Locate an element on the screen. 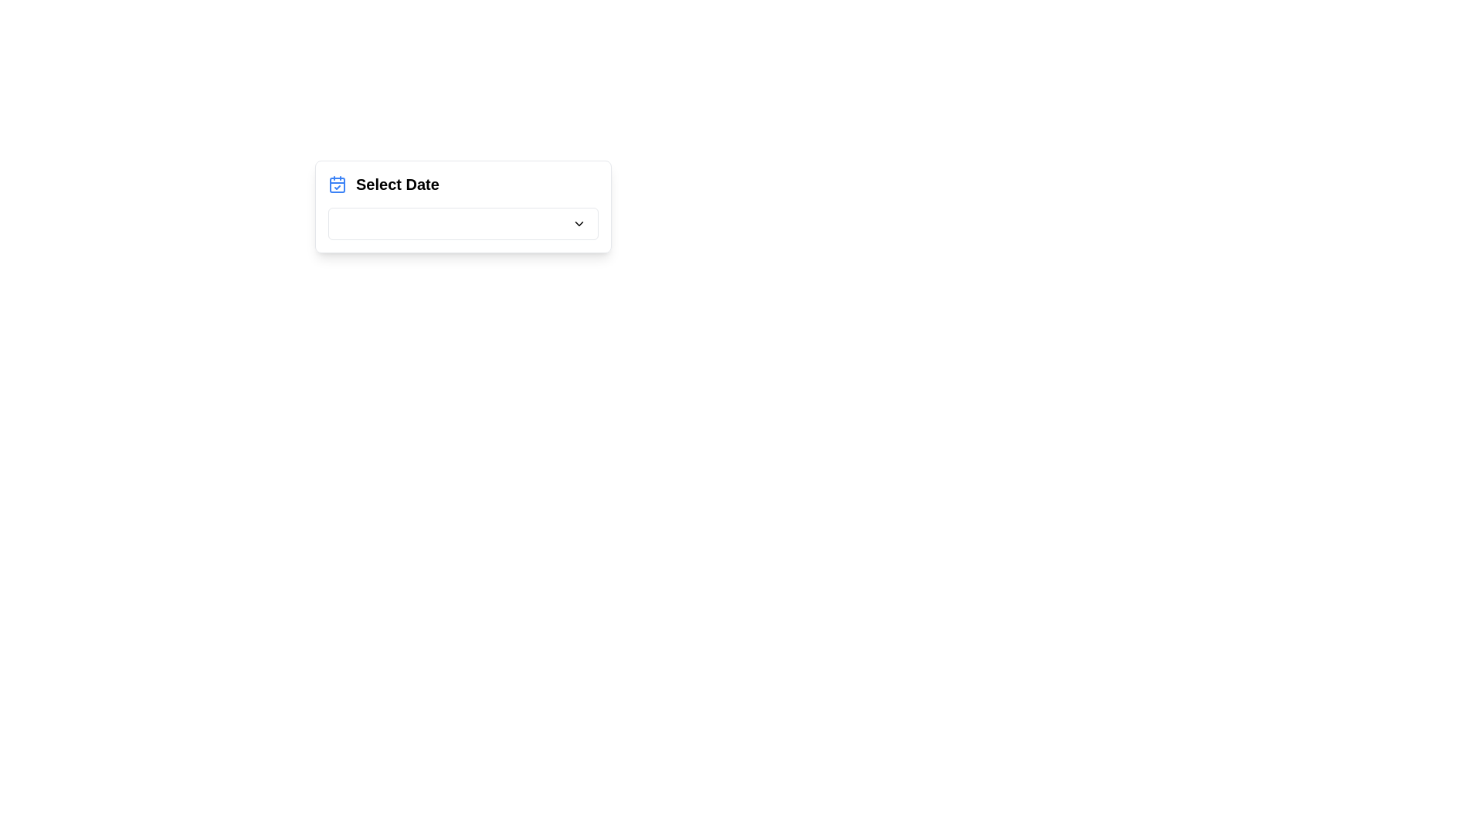  the descriptive header for date selection located to the right of a blue calendar icon and above a dropdown field is located at coordinates (397, 184).